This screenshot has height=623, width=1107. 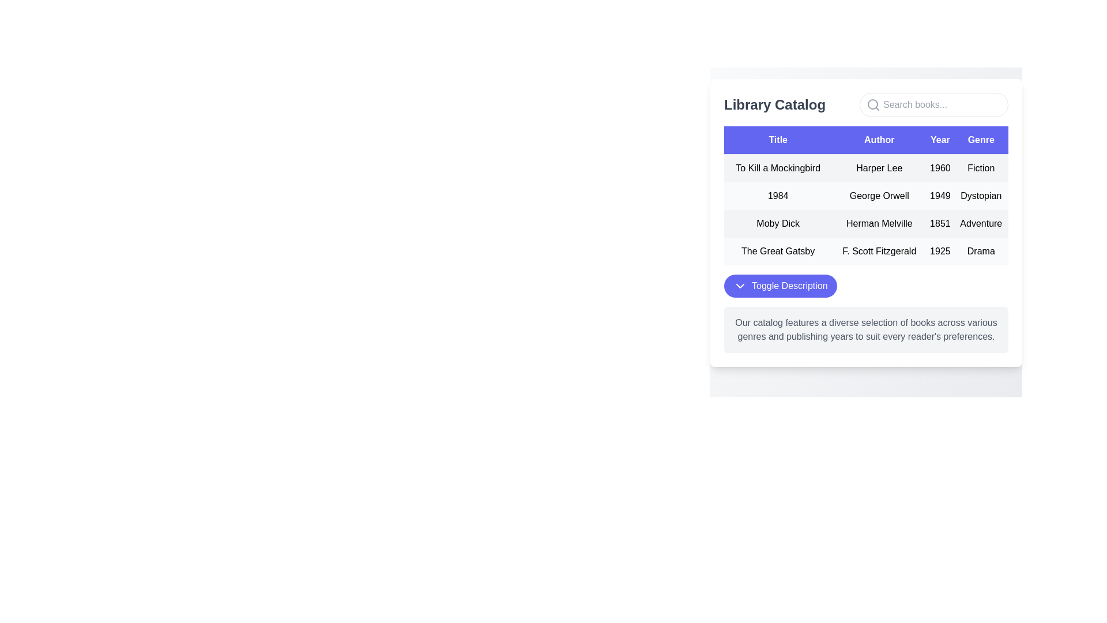 What do you see at coordinates (866, 250) in the screenshot?
I see `text content of the fourth row in the table under the 'Library Catalog' section, which includes 'The Great Gatsby', 'F. Scott Fitzgerald', '1925', and 'Drama'` at bounding box center [866, 250].